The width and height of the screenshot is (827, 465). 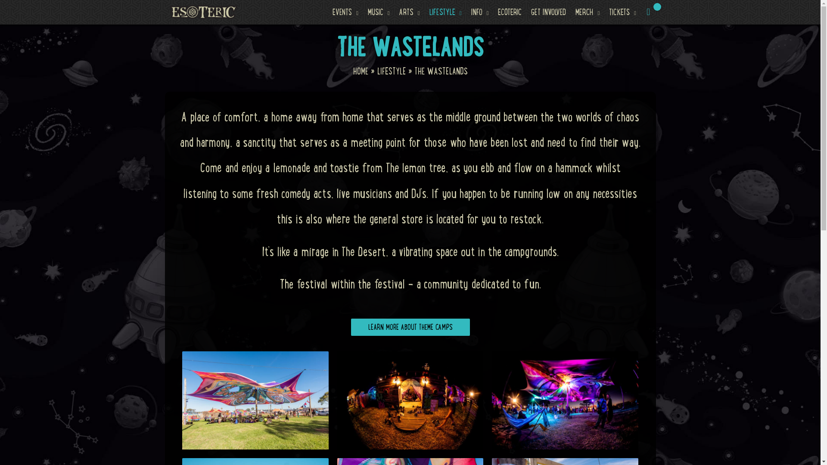 I want to click on 'HOME', so click(x=361, y=71).